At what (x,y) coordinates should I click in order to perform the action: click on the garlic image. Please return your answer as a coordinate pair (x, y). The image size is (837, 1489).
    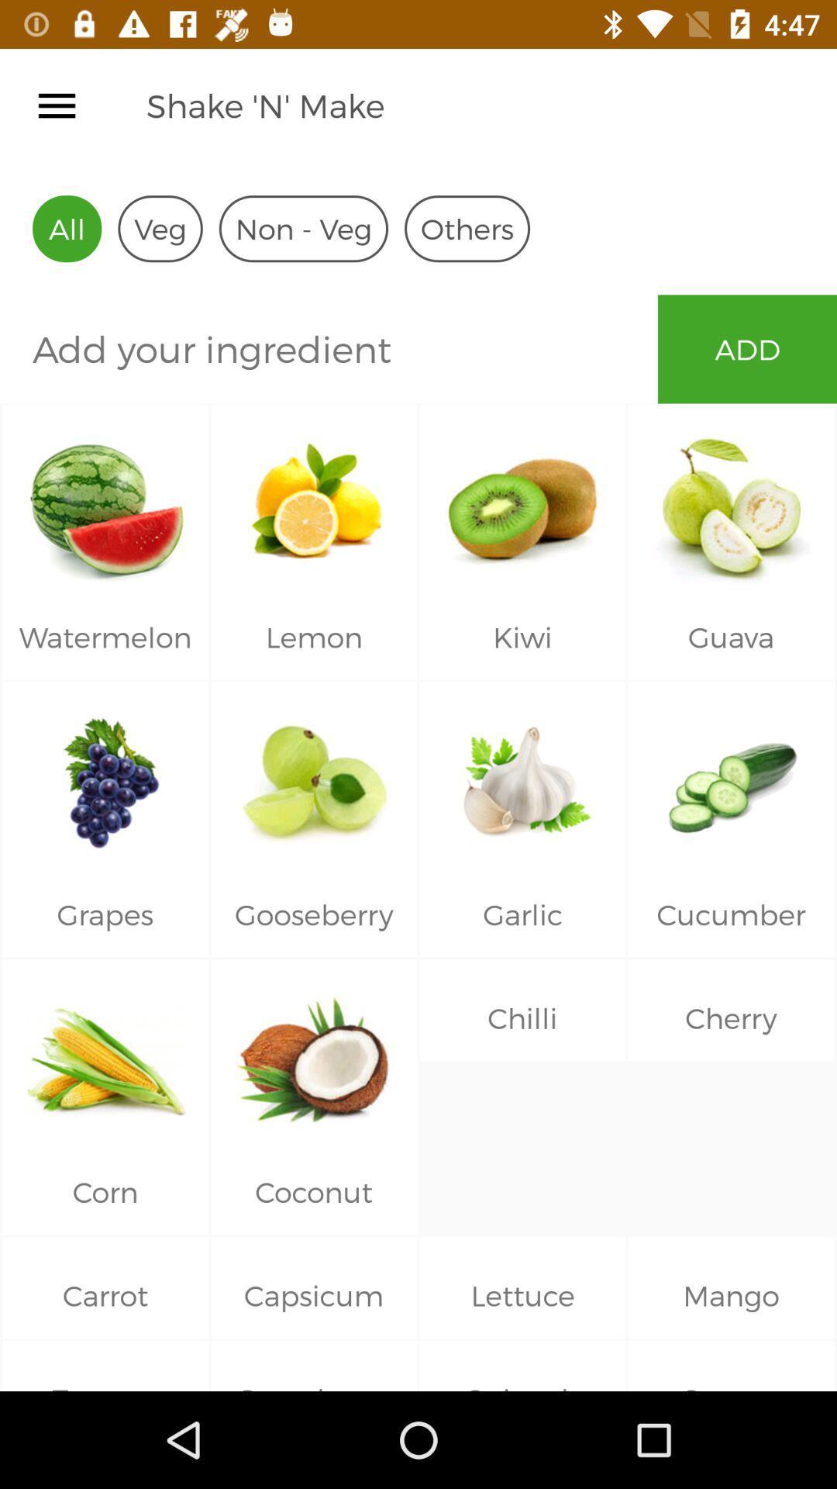
    Looking at the image, I should click on (523, 777).